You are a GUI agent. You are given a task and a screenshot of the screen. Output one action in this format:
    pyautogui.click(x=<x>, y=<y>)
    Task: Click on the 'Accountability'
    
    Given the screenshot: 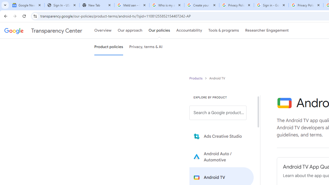 What is the action you would take?
    pyautogui.click(x=189, y=31)
    